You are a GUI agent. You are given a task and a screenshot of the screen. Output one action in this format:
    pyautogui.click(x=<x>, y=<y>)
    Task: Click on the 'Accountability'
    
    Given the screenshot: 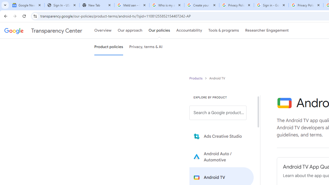 What is the action you would take?
    pyautogui.click(x=189, y=31)
    